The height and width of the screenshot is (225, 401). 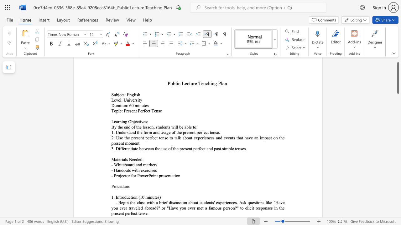 I want to click on the scrollbar and move up 10 pixels, so click(x=398, y=77).